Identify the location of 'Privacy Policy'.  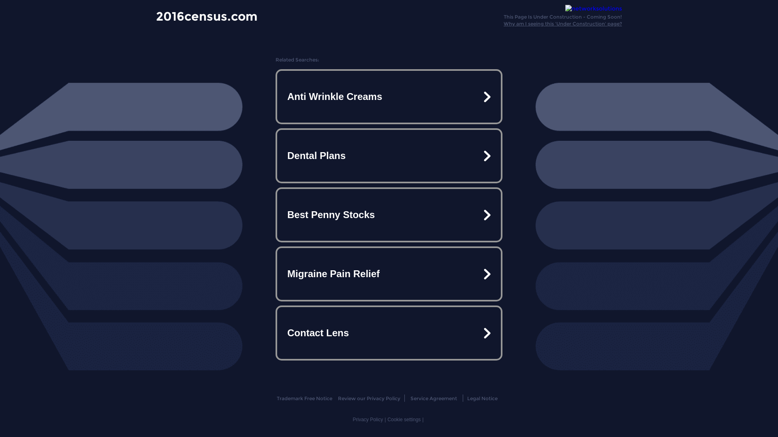
(367, 419).